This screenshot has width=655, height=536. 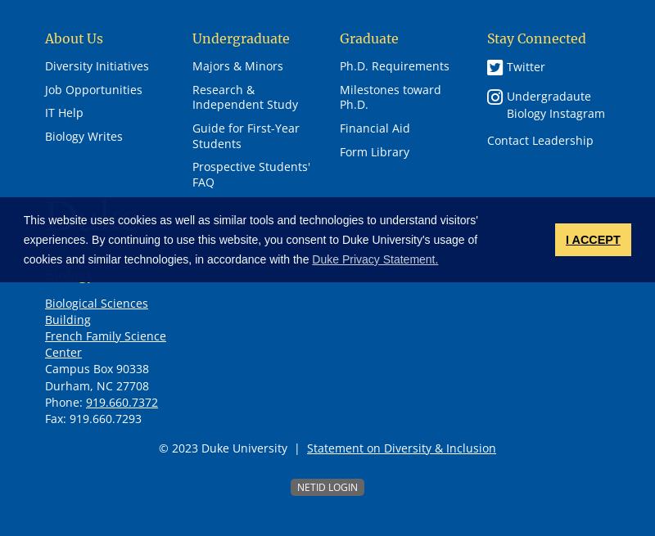 I want to click on 'Biology Writes', so click(x=83, y=135).